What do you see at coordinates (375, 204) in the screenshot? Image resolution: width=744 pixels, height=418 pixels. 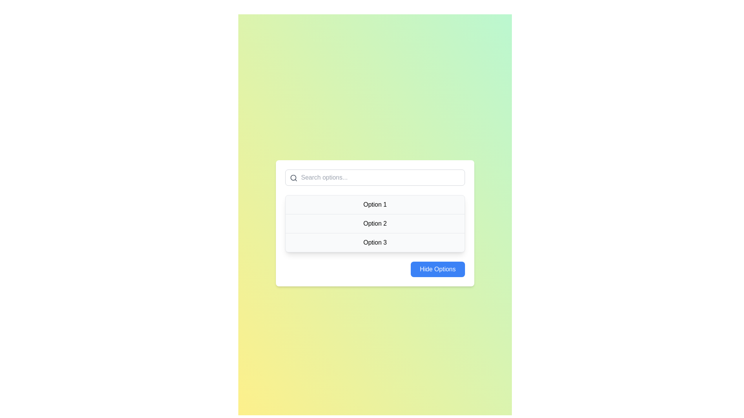 I see `the first list item labeled 'Option 1' in the dropdown menu` at bounding box center [375, 204].